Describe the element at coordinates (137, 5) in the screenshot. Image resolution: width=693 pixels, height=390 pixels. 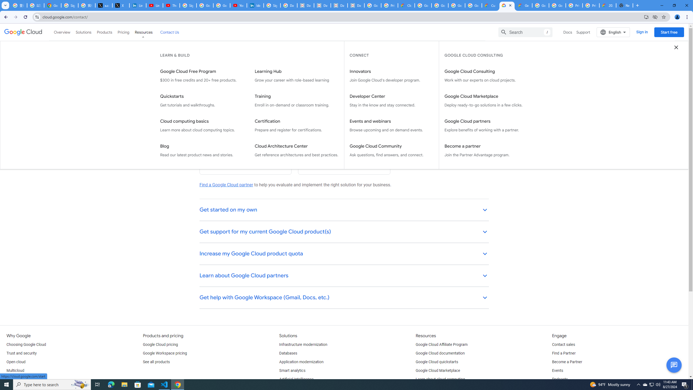
I see `'LinkedIn Privacy Policy'` at that location.